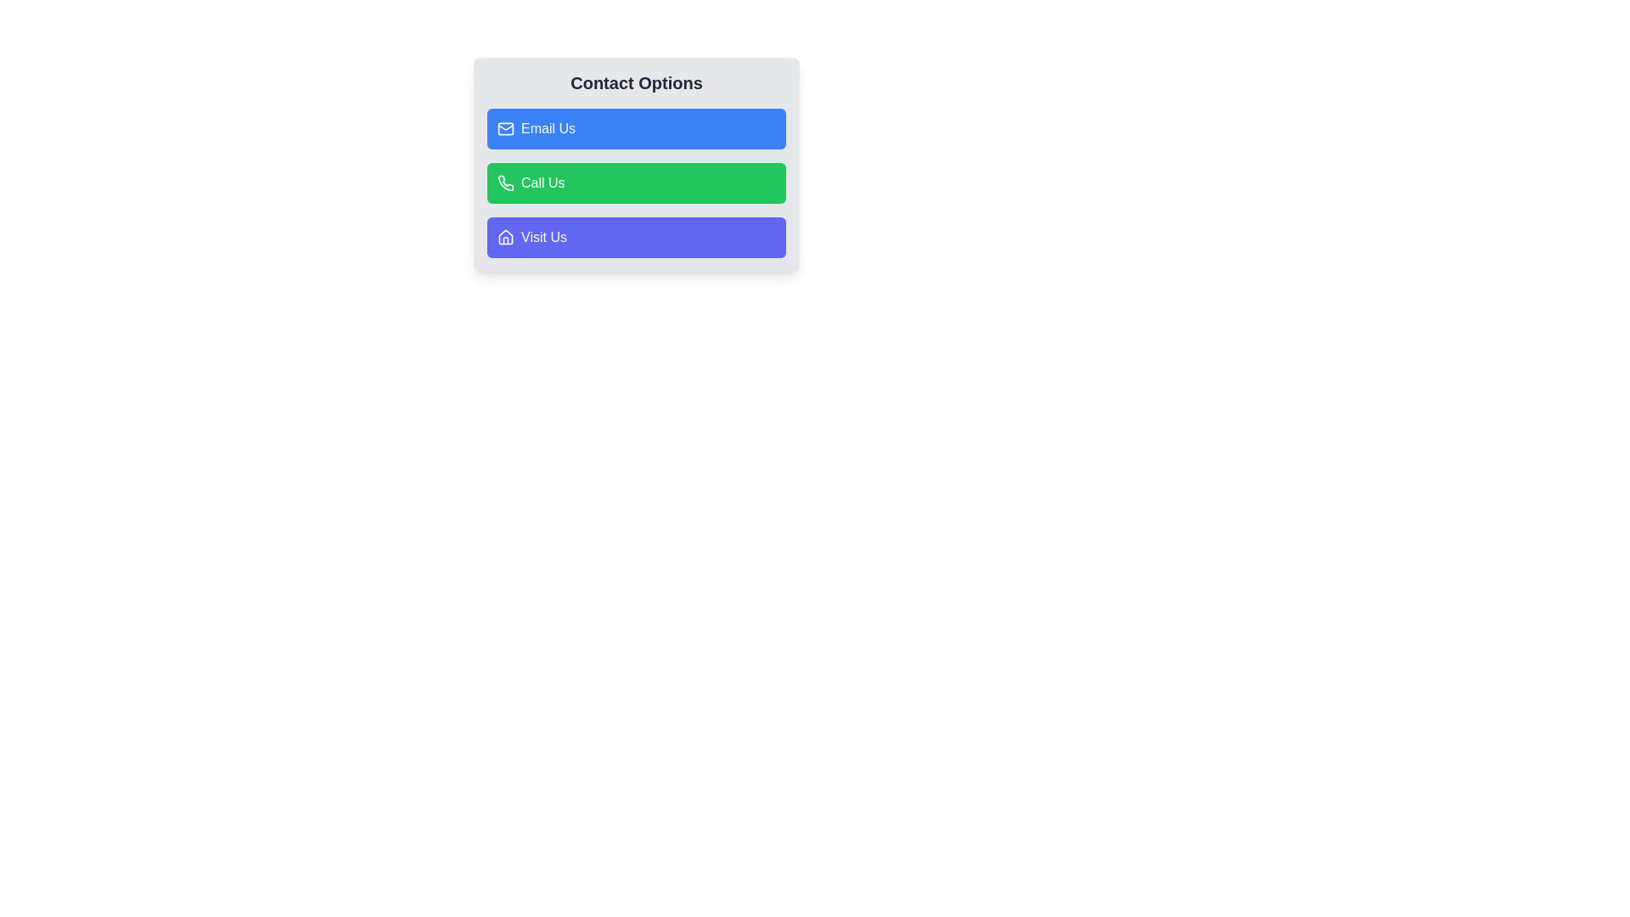 The image size is (1630, 917). I want to click on the phone icon on the green 'Call Us' button, which is located below the blue 'Email Us' button in the contact options list, so click(504, 183).